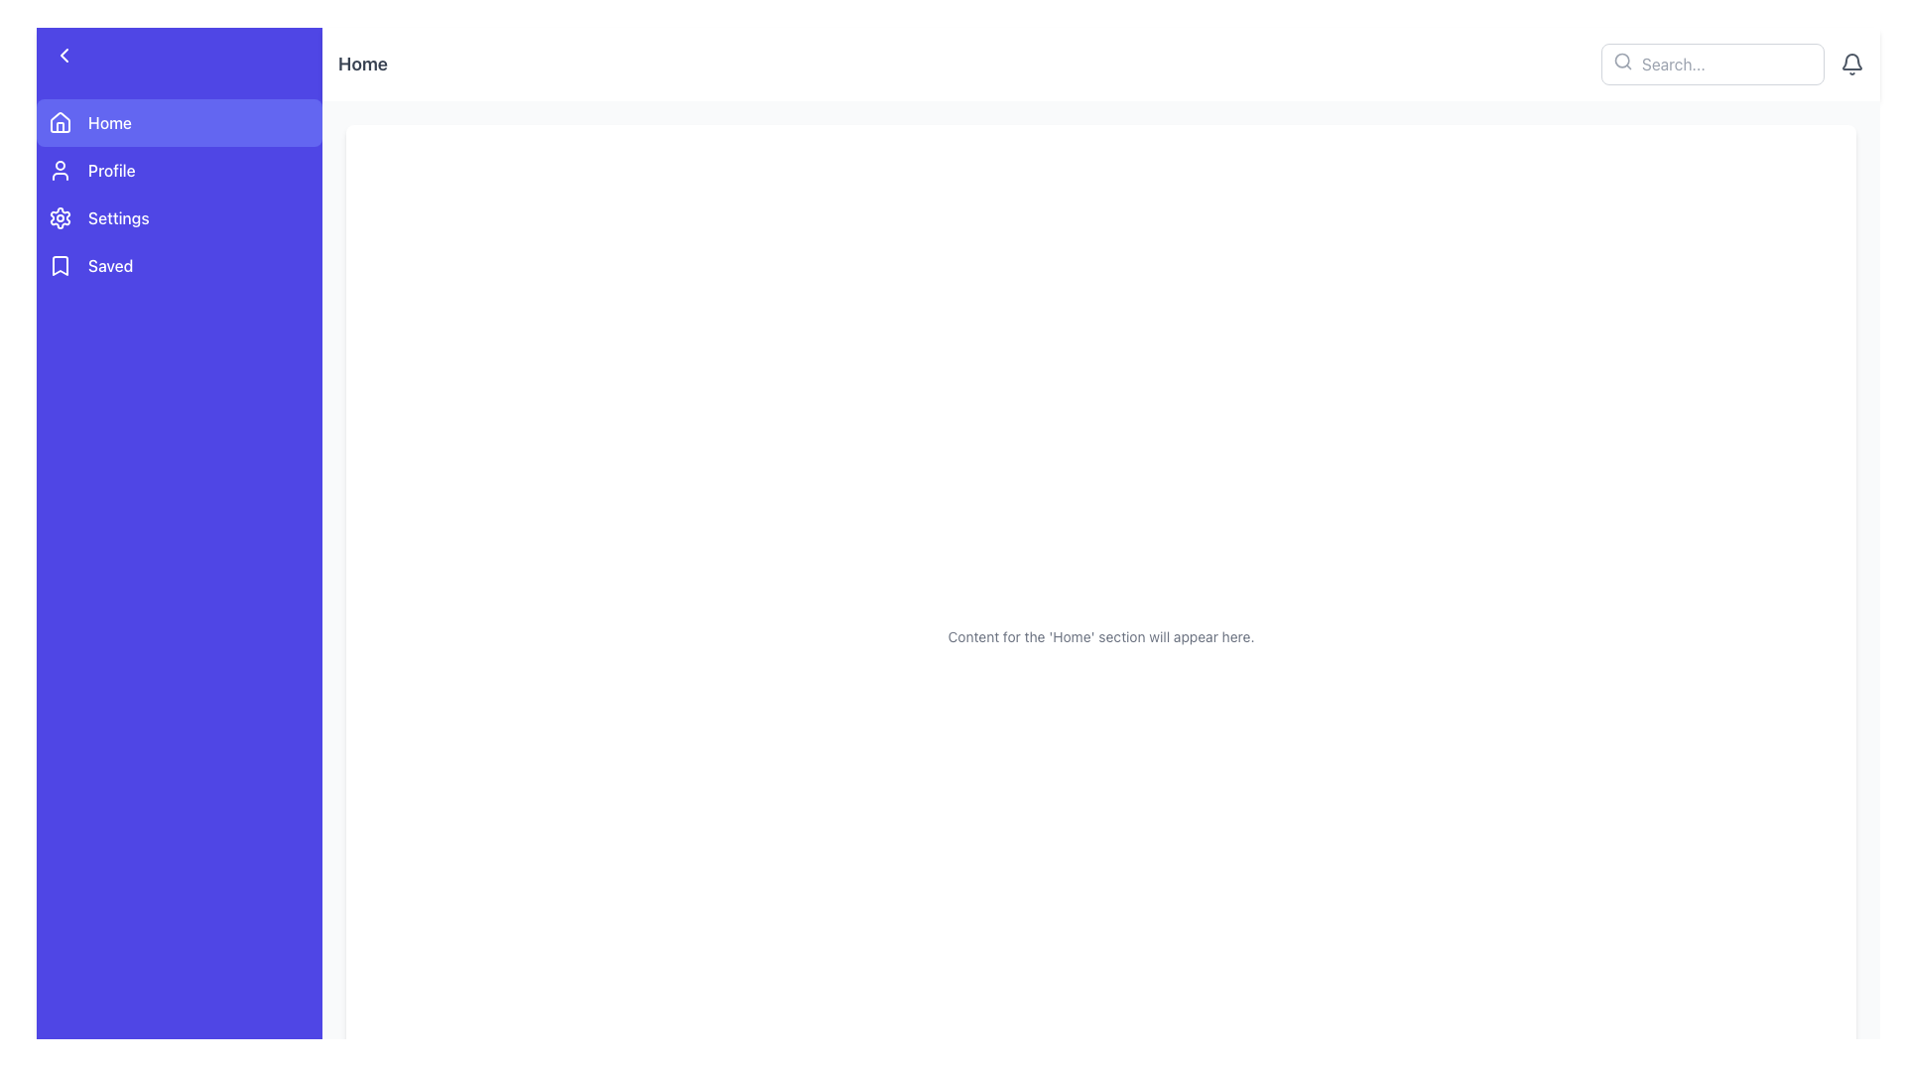  Describe the element at coordinates (109, 264) in the screenshot. I see `the third text label in the navigation options on the left panel, which serves as a label for the 'Saved' section of the application` at that location.